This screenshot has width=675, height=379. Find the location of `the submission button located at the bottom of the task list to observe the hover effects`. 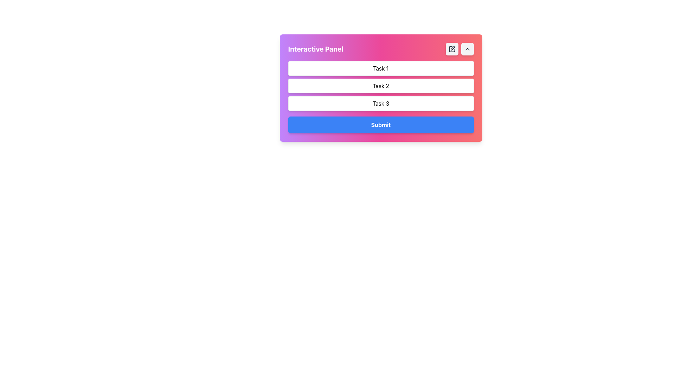

the submission button located at the bottom of the task list to observe the hover effects is located at coordinates (380, 124).